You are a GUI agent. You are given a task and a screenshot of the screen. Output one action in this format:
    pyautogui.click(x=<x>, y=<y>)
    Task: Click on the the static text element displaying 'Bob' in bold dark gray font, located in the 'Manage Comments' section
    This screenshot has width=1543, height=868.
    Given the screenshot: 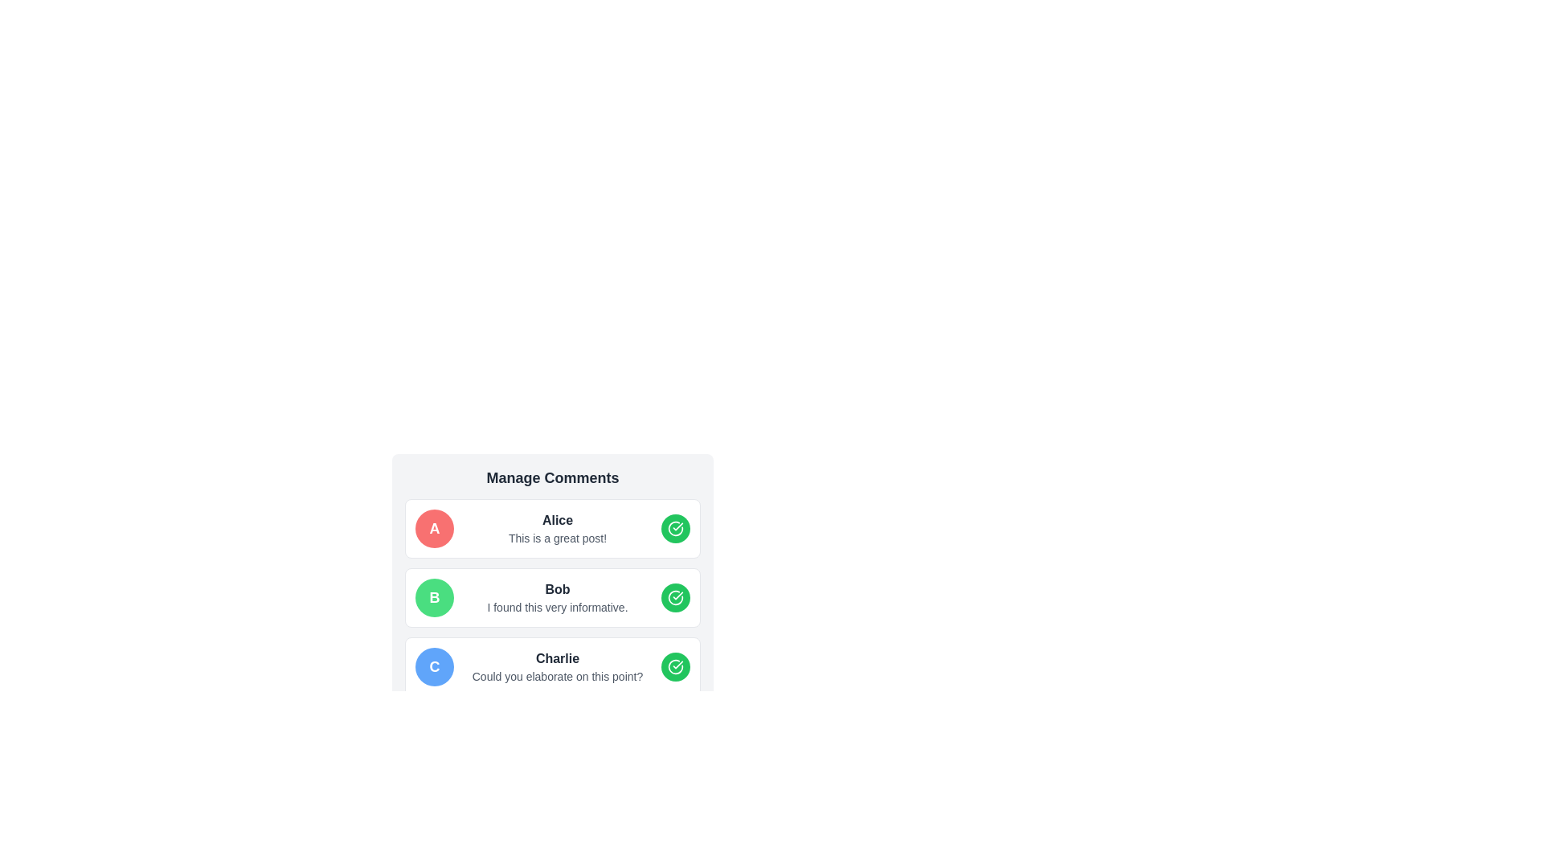 What is the action you would take?
    pyautogui.click(x=558, y=589)
    